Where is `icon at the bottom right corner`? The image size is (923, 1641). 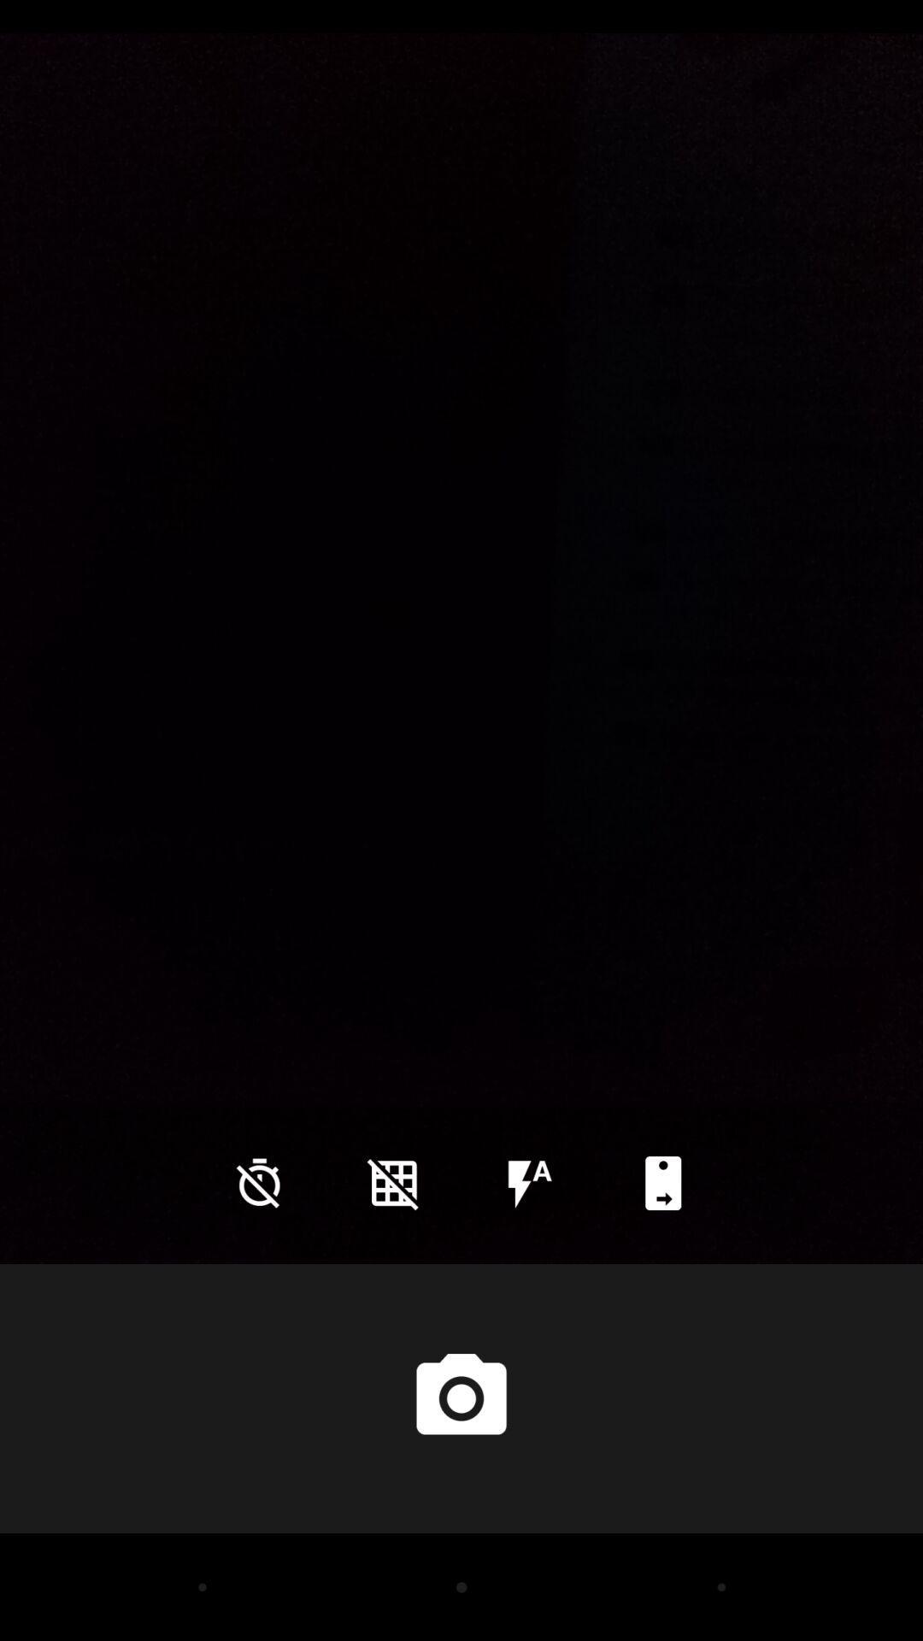 icon at the bottom right corner is located at coordinates (662, 1182).